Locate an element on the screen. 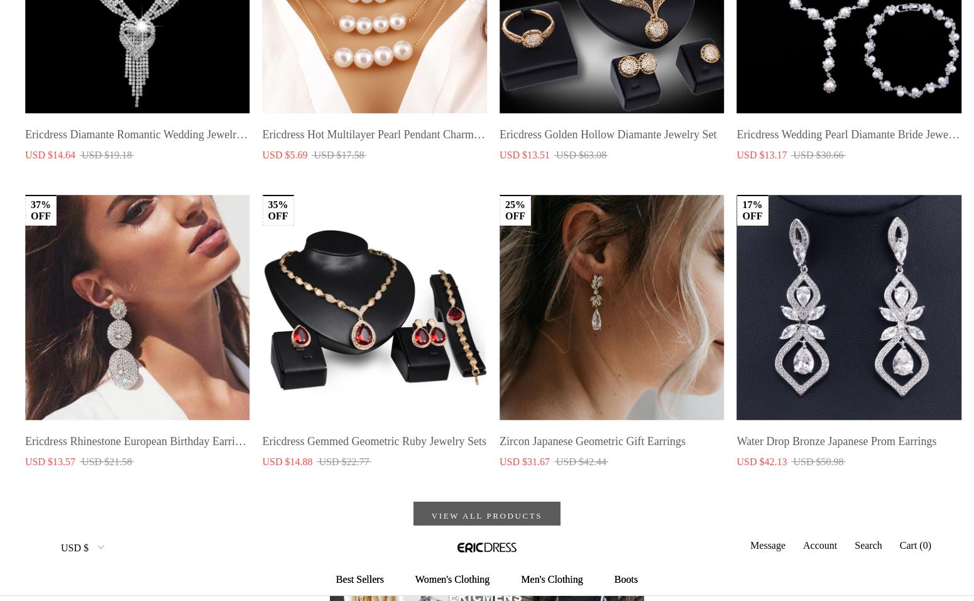 The width and height of the screenshot is (974, 601). 'Get more exclusive offers !' is located at coordinates (86, 493).